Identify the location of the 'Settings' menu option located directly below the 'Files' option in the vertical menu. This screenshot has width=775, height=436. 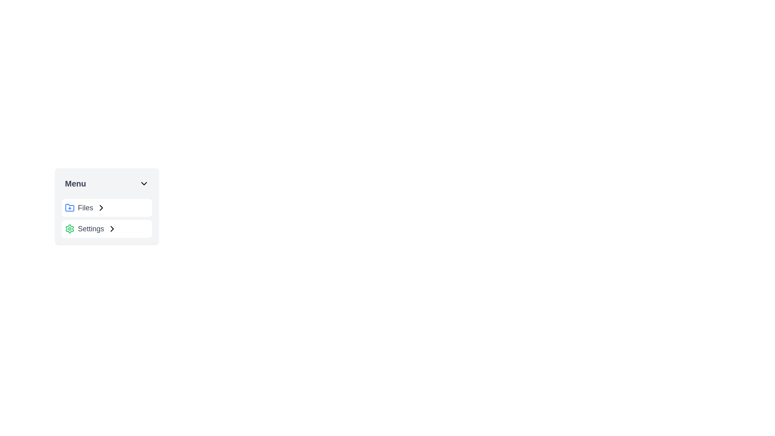
(106, 229).